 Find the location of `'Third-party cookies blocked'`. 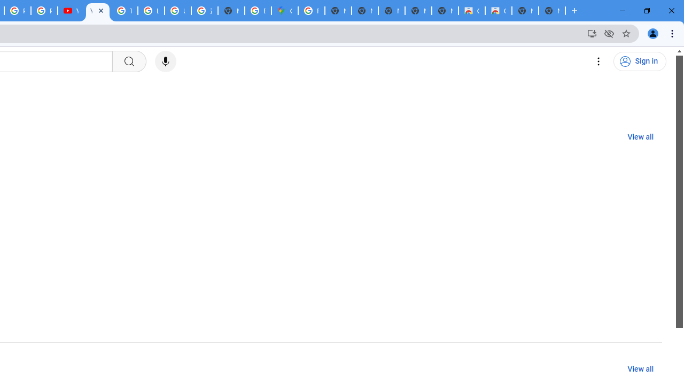

'Third-party cookies blocked' is located at coordinates (609, 33).